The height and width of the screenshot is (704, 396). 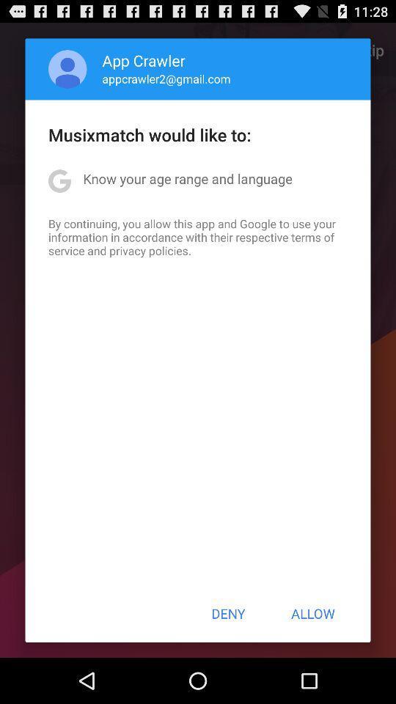 I want to click on appcrawler2@gmail.com icon, so click(x=166, y=78).